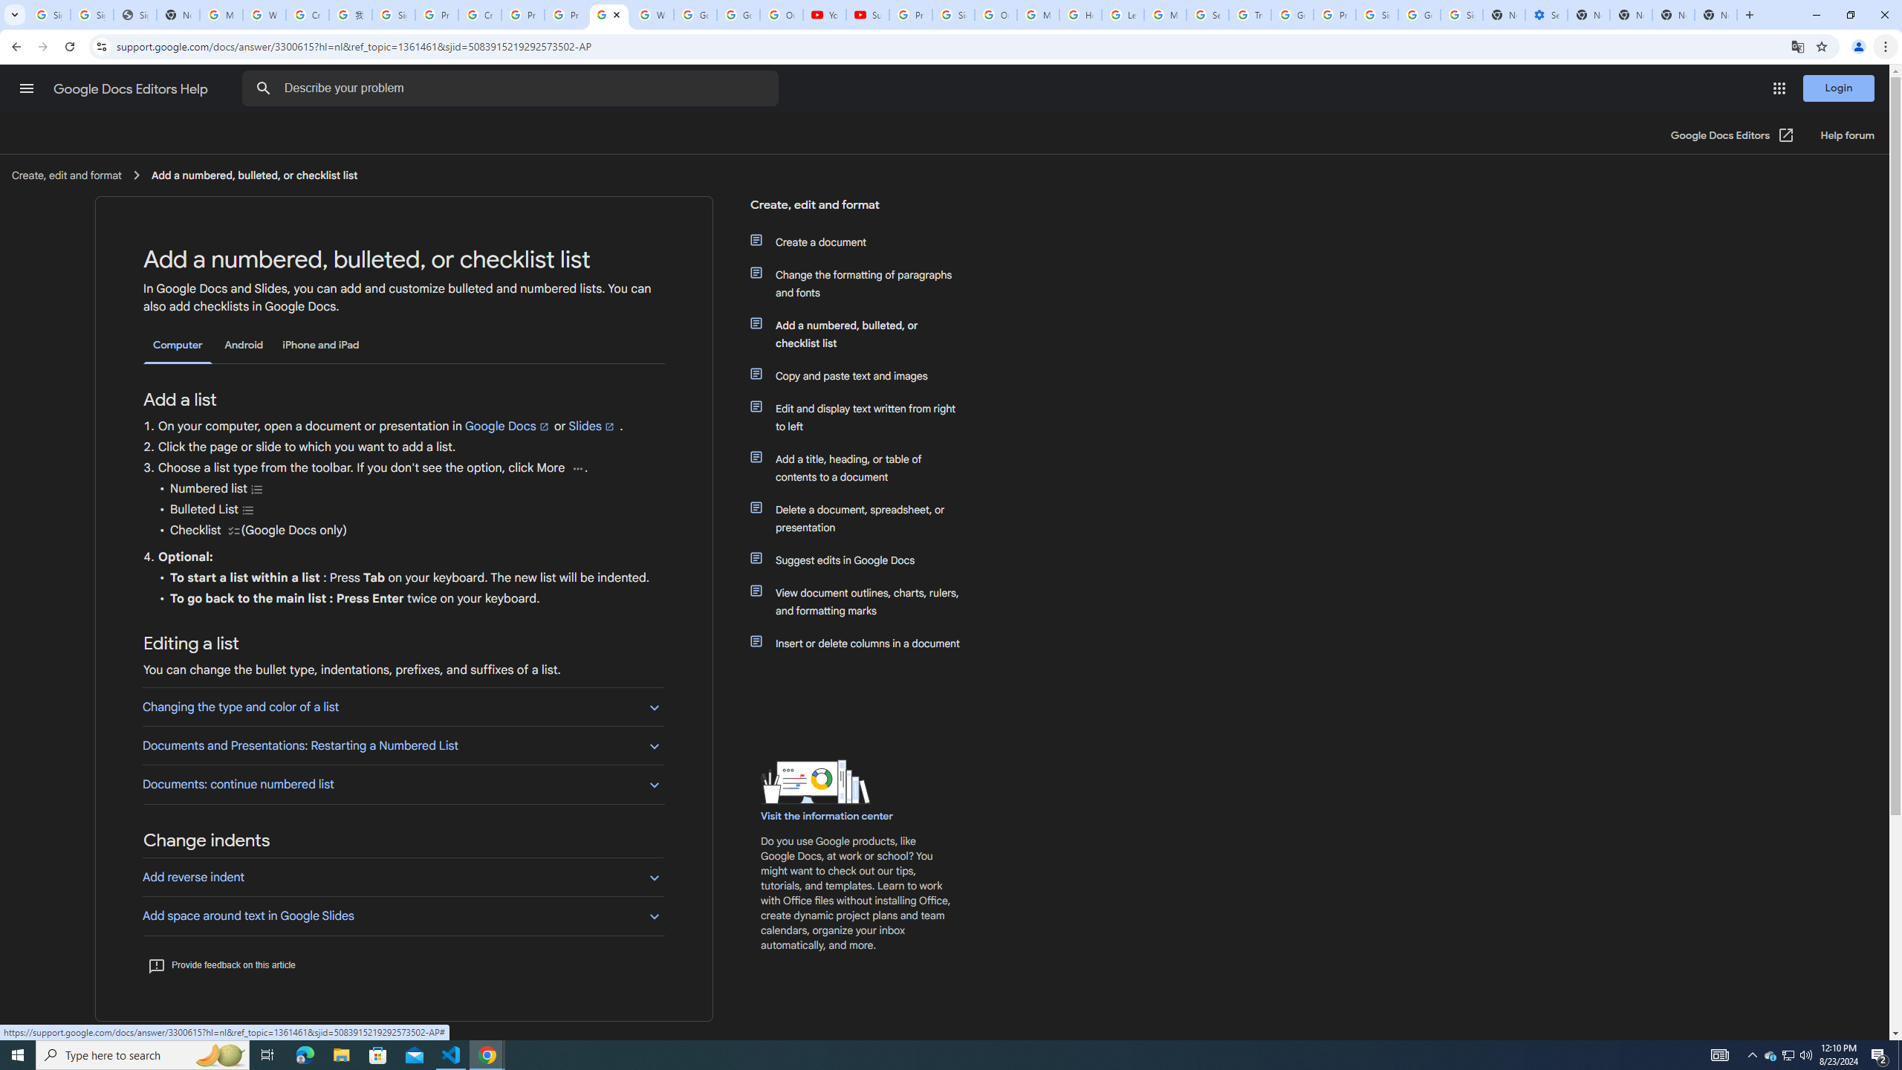 The height and width of the screenshot is (1070, 1902). What do you see at coordinates (863, 375) in the screenshot?
I see `'Copy and paste text and images'` at bounding box center [863, 375].